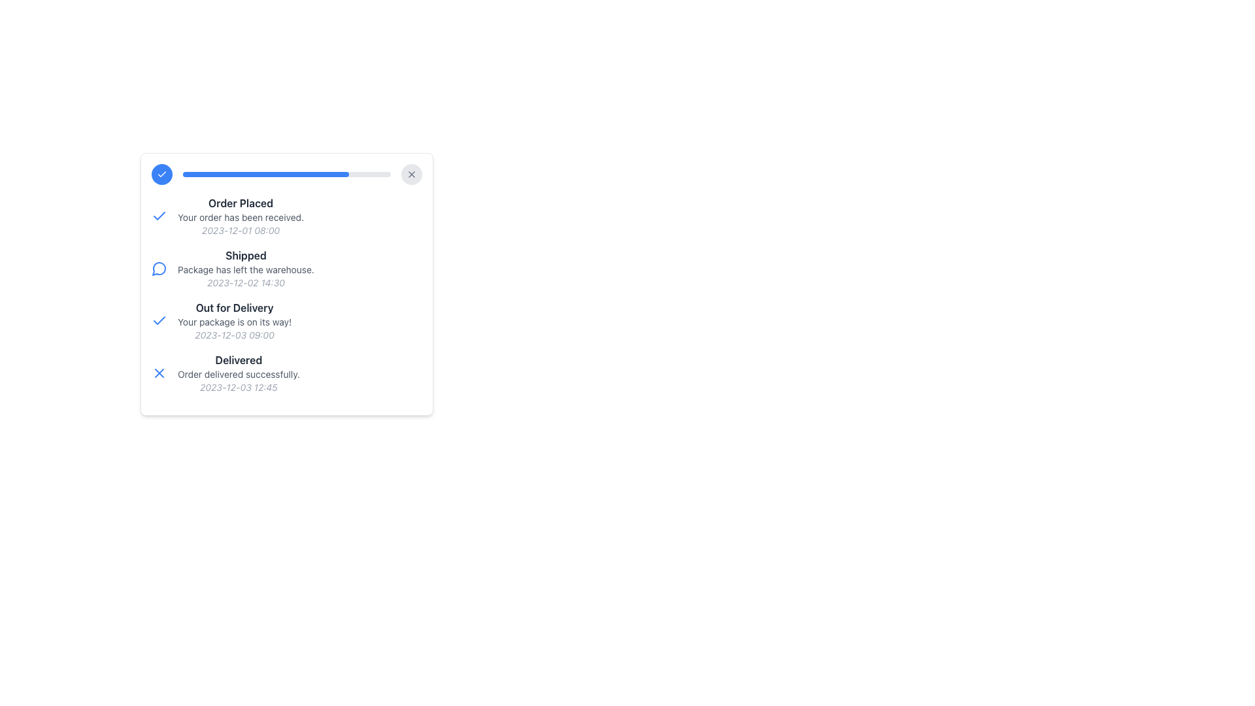 The image size is (1255, 706). Describe the element at coordinates (159, 320) in the screenshot. I see `the graphical check mark representing the completed 'Order Placed' step in the order progress flow, which is styled with a thin blue stroke and rounded corners` at that location.